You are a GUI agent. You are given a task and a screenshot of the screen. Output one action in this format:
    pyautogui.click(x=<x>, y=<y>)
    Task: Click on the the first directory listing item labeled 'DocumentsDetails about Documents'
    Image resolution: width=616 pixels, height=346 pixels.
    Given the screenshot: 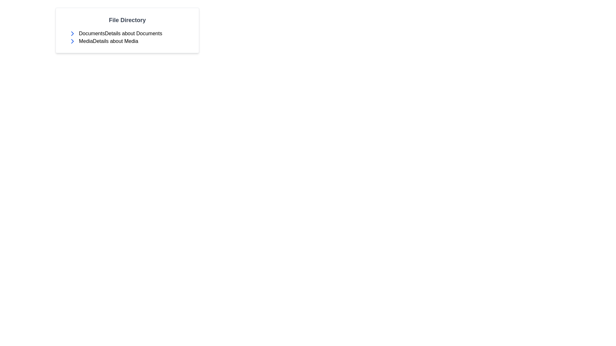 What is the action you would take?
    pyautogui.click(x=129, y=33)
    